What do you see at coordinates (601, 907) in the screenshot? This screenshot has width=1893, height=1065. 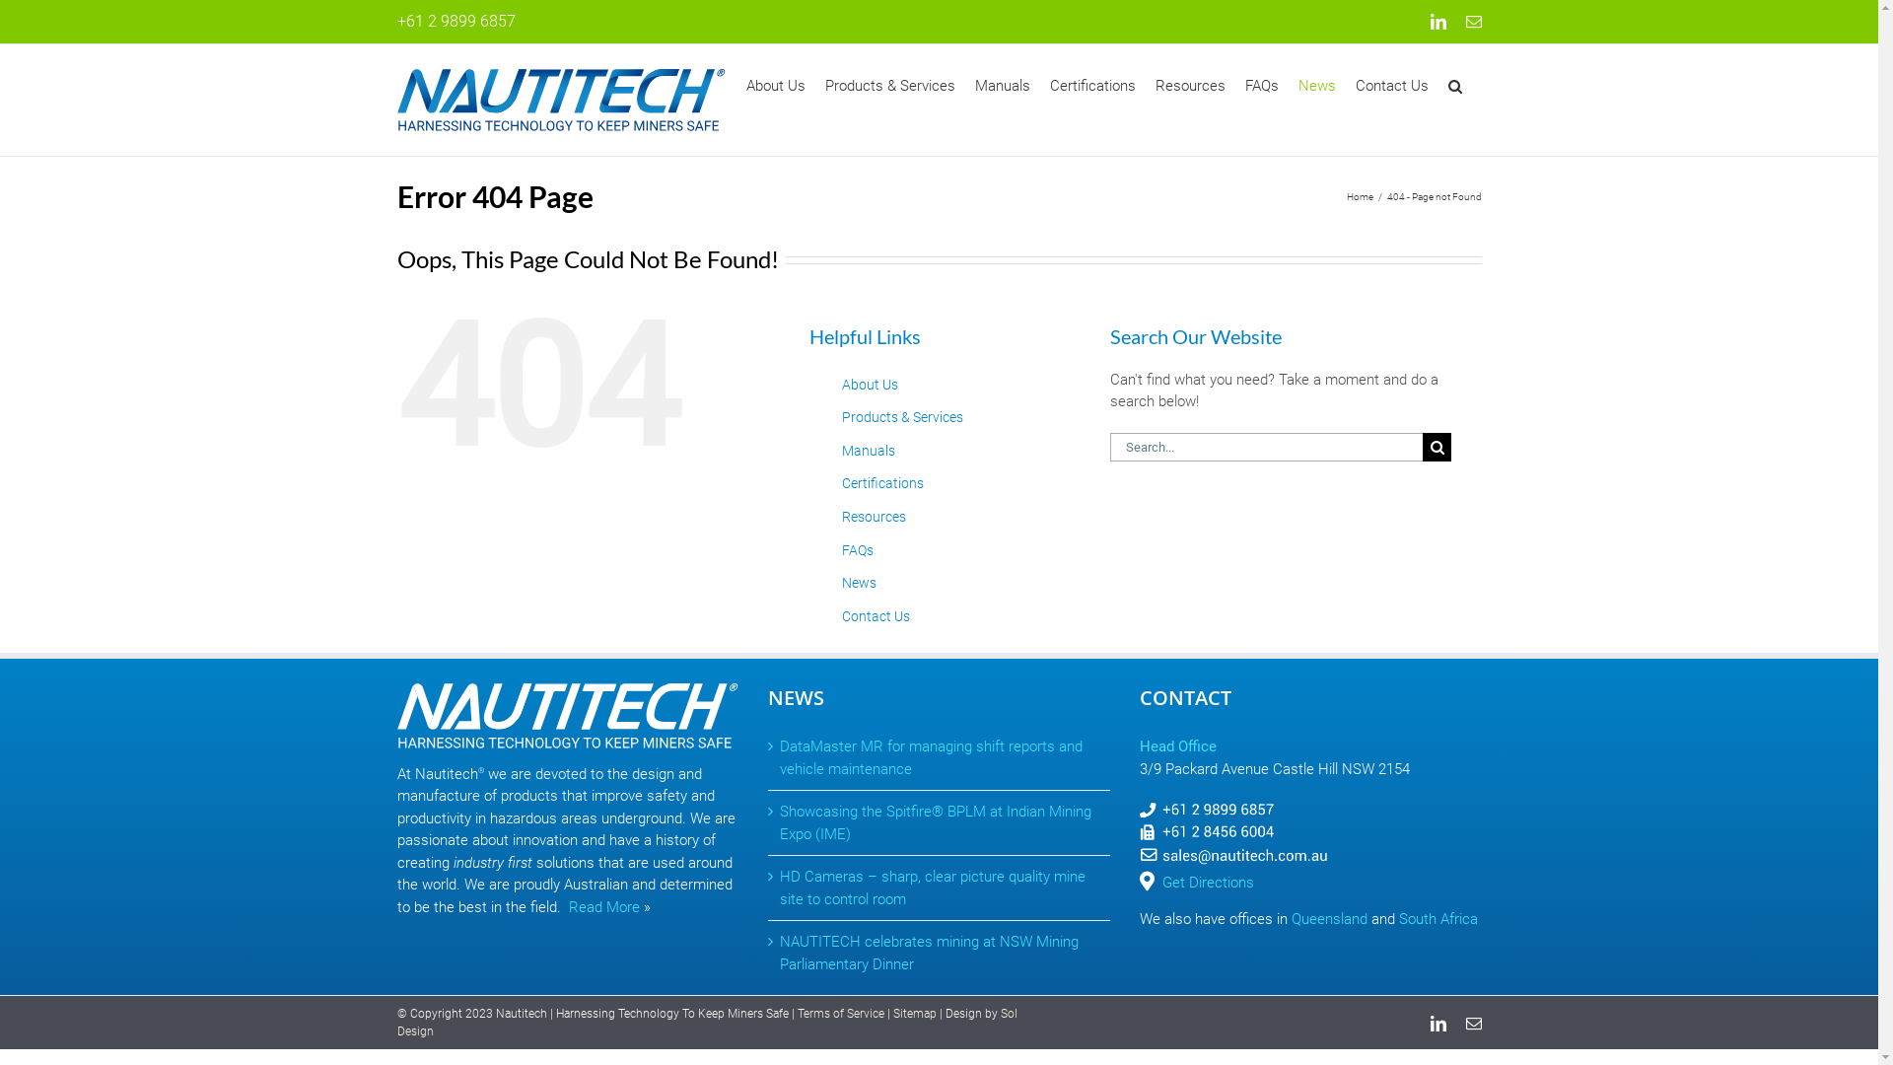 I see `'Read More'` at bounding box center [601, 907].